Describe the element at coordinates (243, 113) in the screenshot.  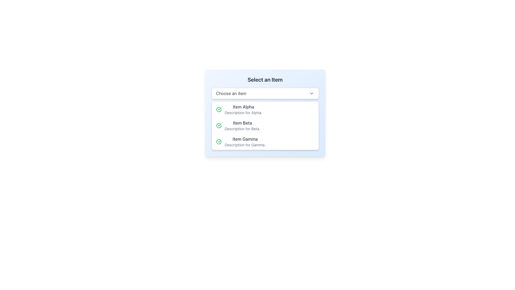
I see `supplementary descriptive text located beneath the 'Item Alpha' option in the dropdown menu under 'Select an Item'` at that location.